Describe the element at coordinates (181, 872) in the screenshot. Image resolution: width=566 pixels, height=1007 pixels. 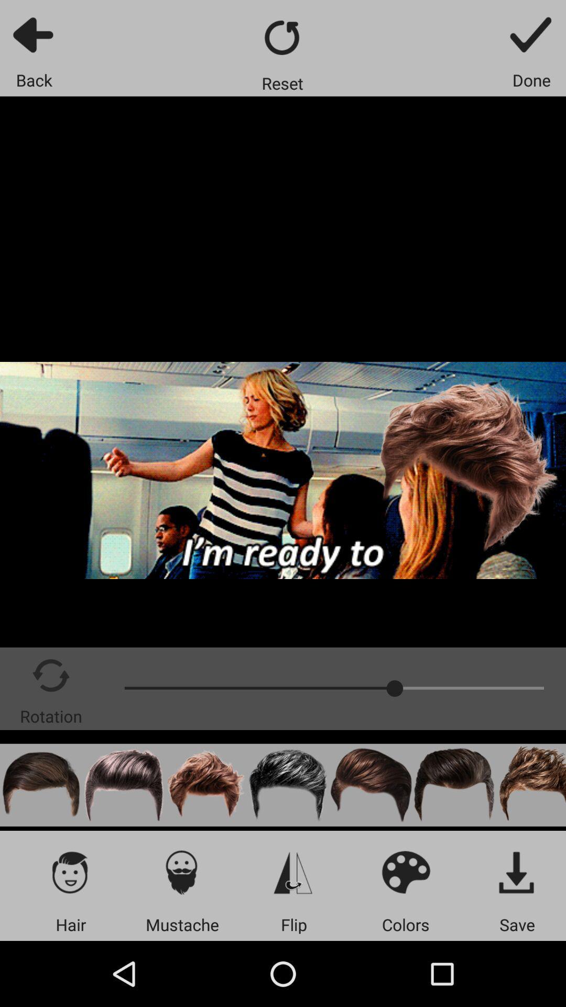
I see `to avatar` at that location.